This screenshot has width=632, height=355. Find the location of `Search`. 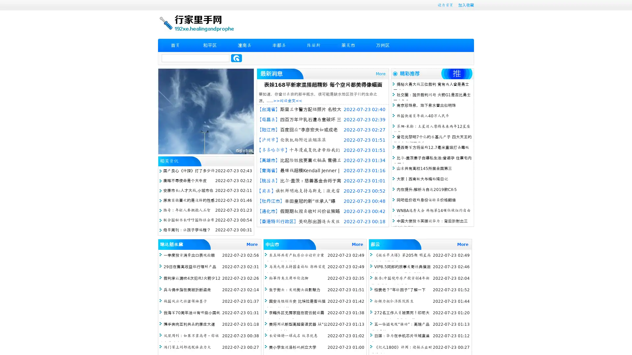

Search is located at coordinates (236, 58).